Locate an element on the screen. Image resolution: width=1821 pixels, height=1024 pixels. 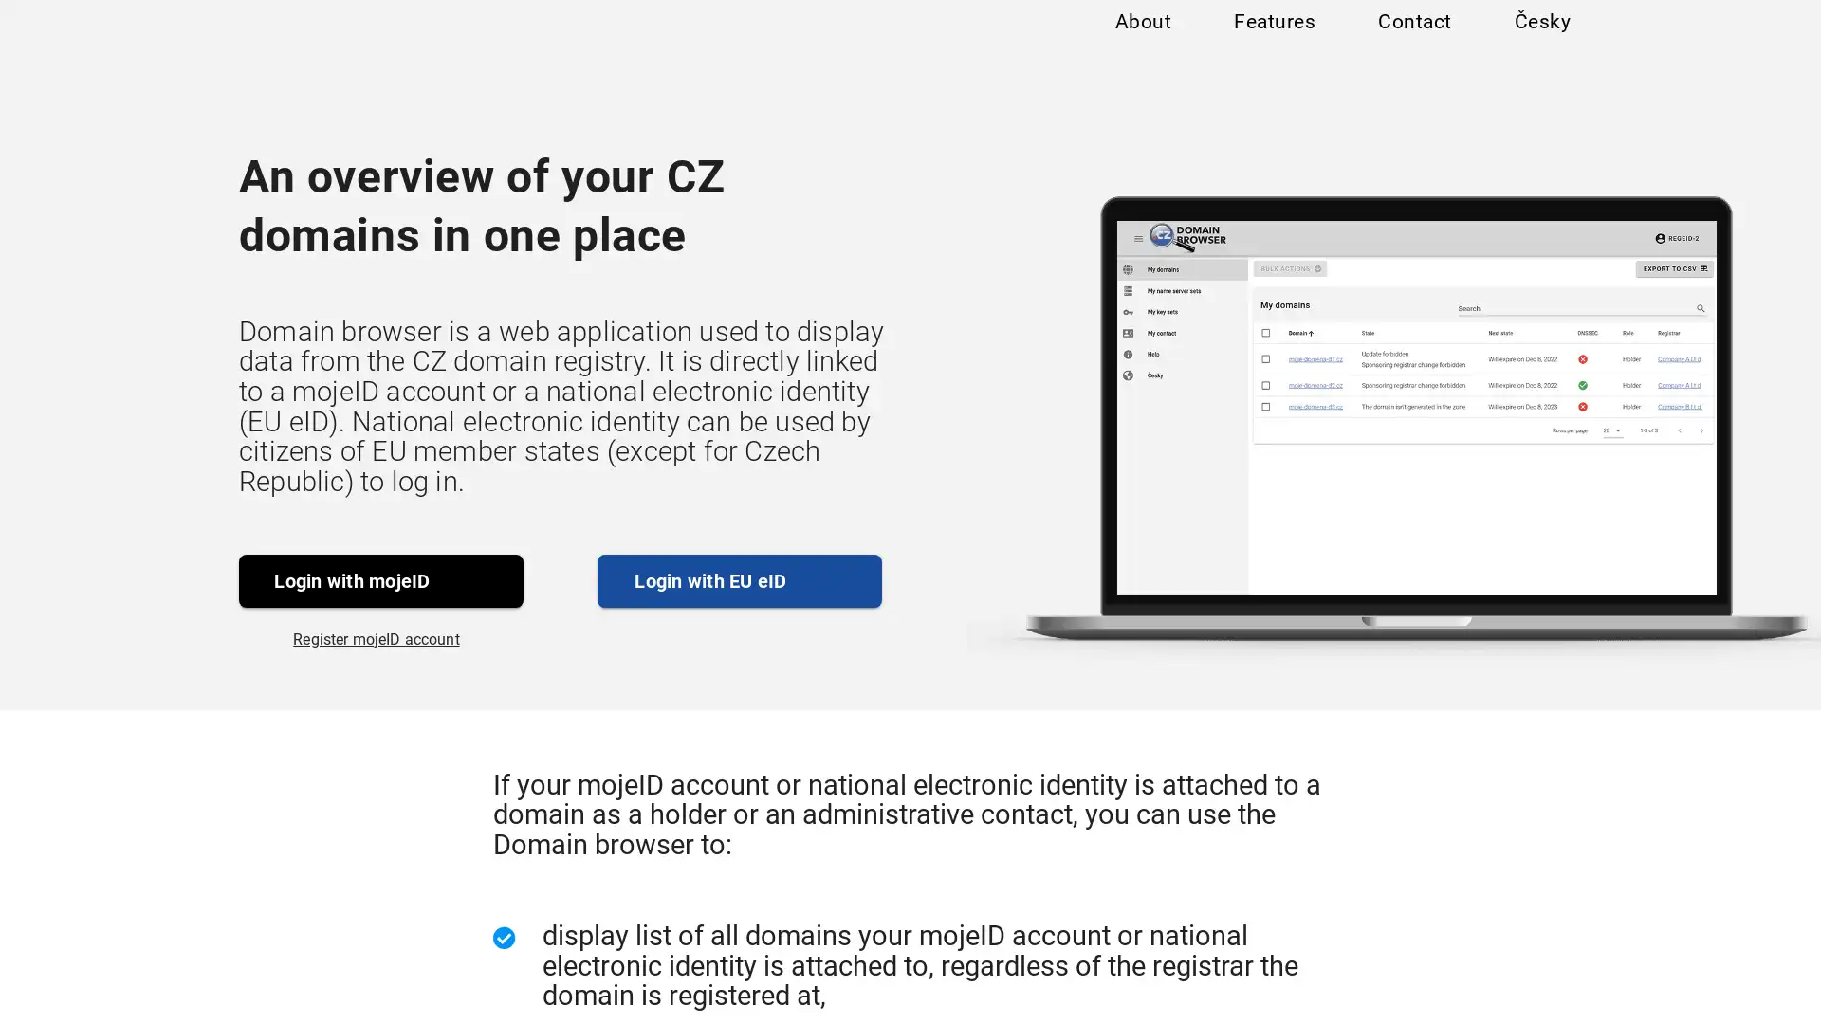
Cesky is located at coordinates (1541, 40).